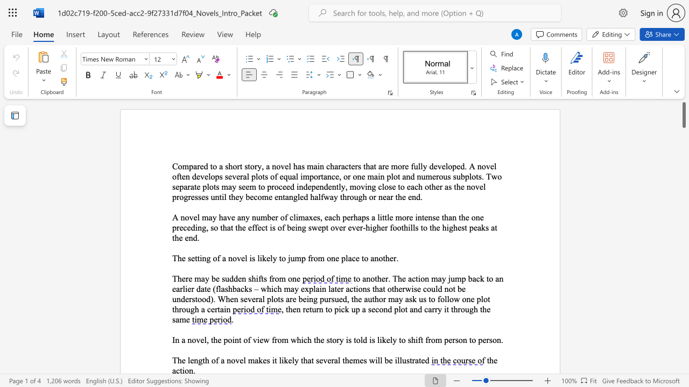  What do you see at coordinates (384, 340) in the screenshot?
I see `the 1th character "k" in the text` at bounding box center [384, 340].